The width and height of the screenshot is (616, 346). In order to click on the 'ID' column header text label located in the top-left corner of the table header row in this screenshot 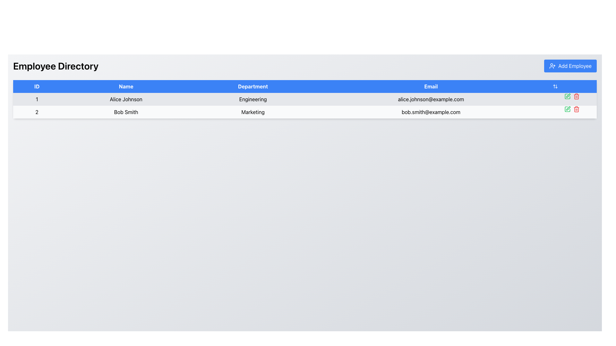, I will do `click(37, 86)`.